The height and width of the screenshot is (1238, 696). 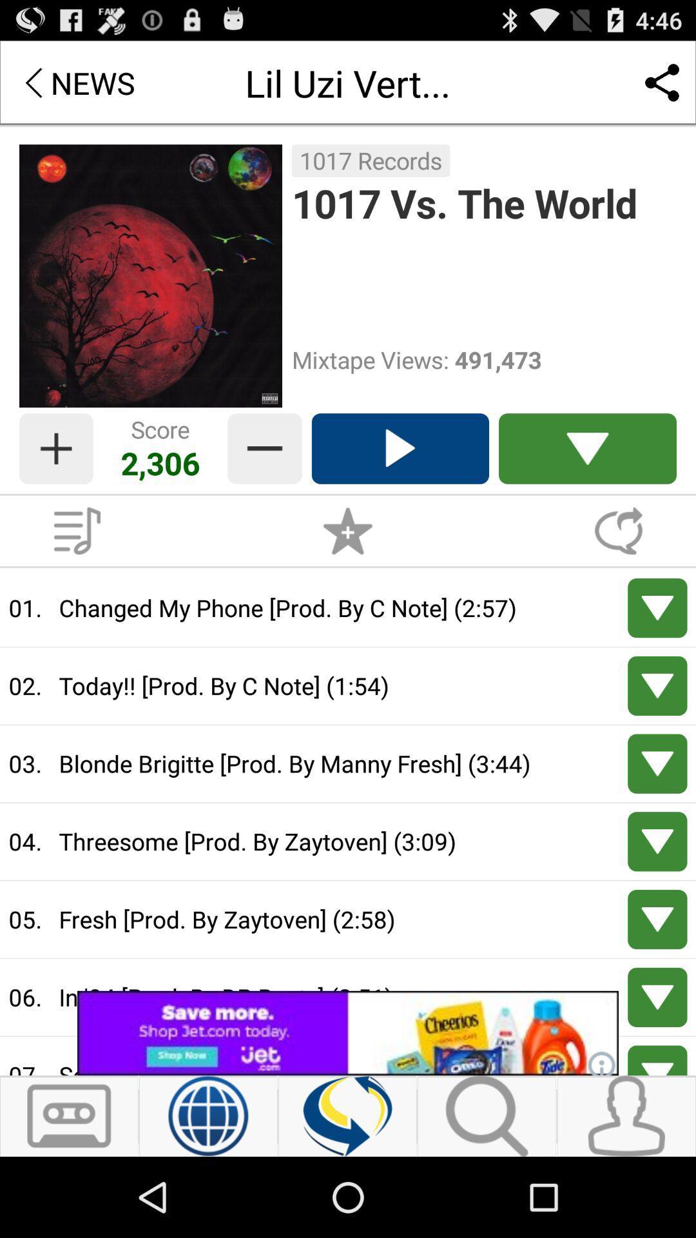 What do you see at coordinates (657, 685) in the screenshot?
I see `open song` at bounding box center [657, 685].